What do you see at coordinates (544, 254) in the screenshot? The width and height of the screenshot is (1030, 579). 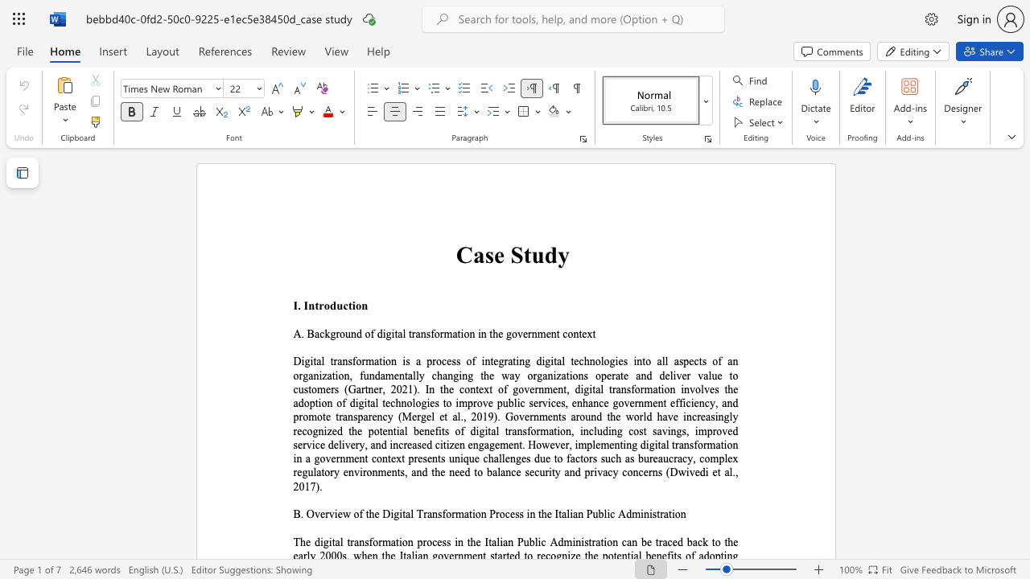 I see `the subset text "dy" within the text "Case Study"` at bounding box center [544, 254].